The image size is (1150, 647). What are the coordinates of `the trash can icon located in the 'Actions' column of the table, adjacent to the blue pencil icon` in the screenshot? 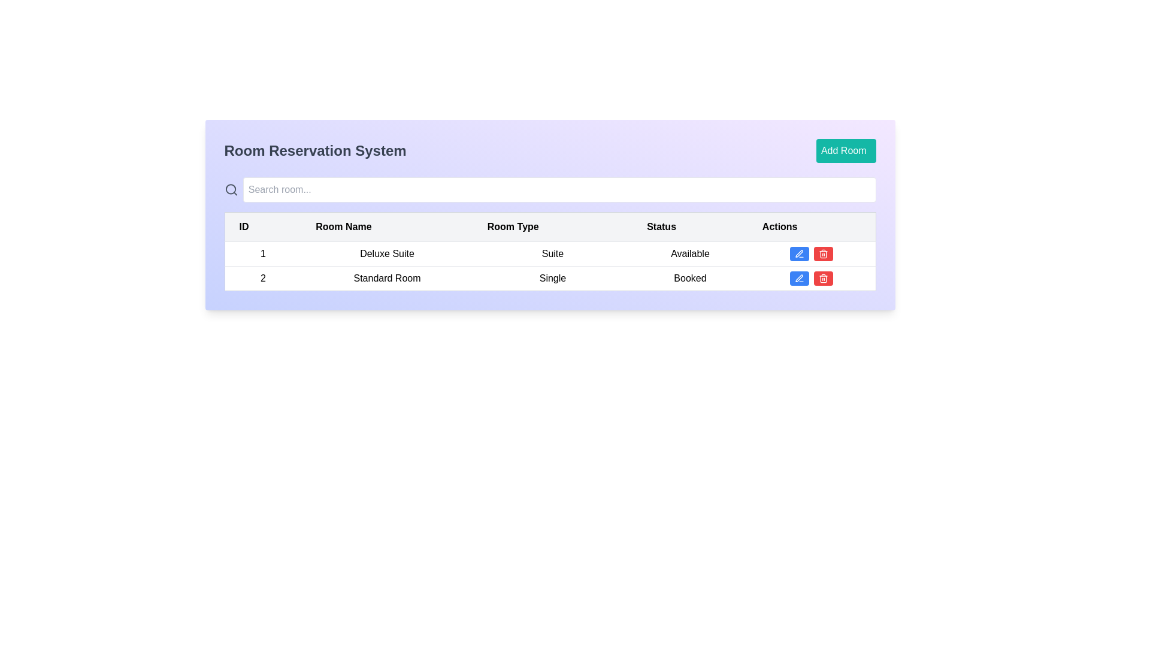 It's located at (823, 253).